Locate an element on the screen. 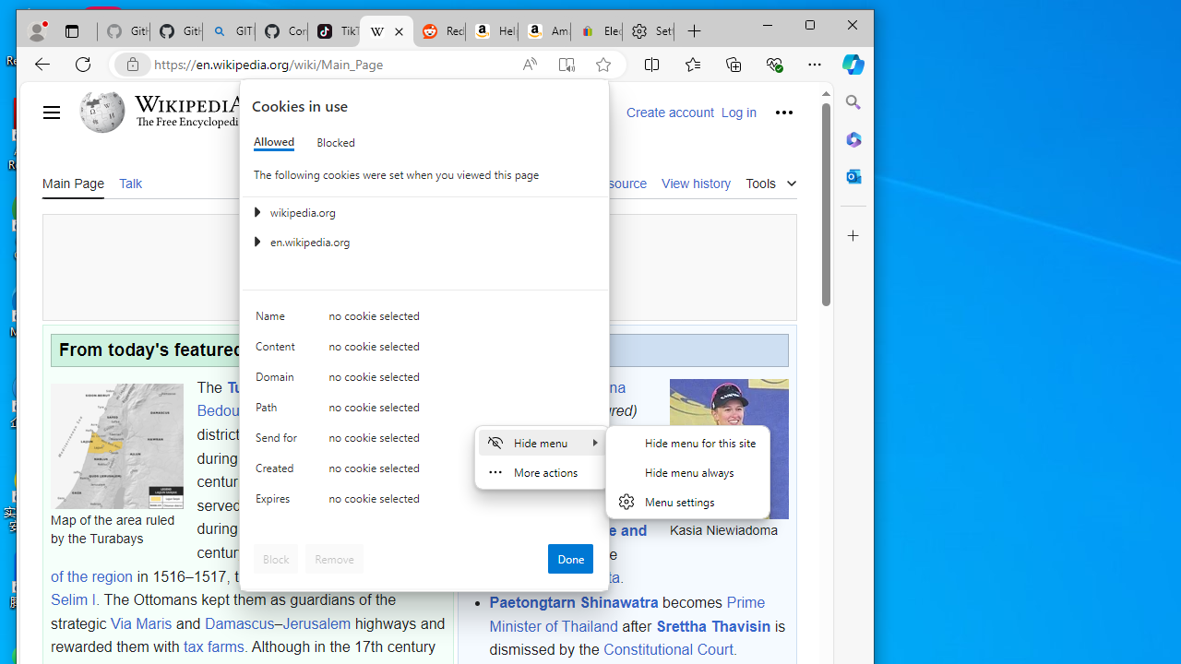  'Created' is located at coordinates (278, 471).